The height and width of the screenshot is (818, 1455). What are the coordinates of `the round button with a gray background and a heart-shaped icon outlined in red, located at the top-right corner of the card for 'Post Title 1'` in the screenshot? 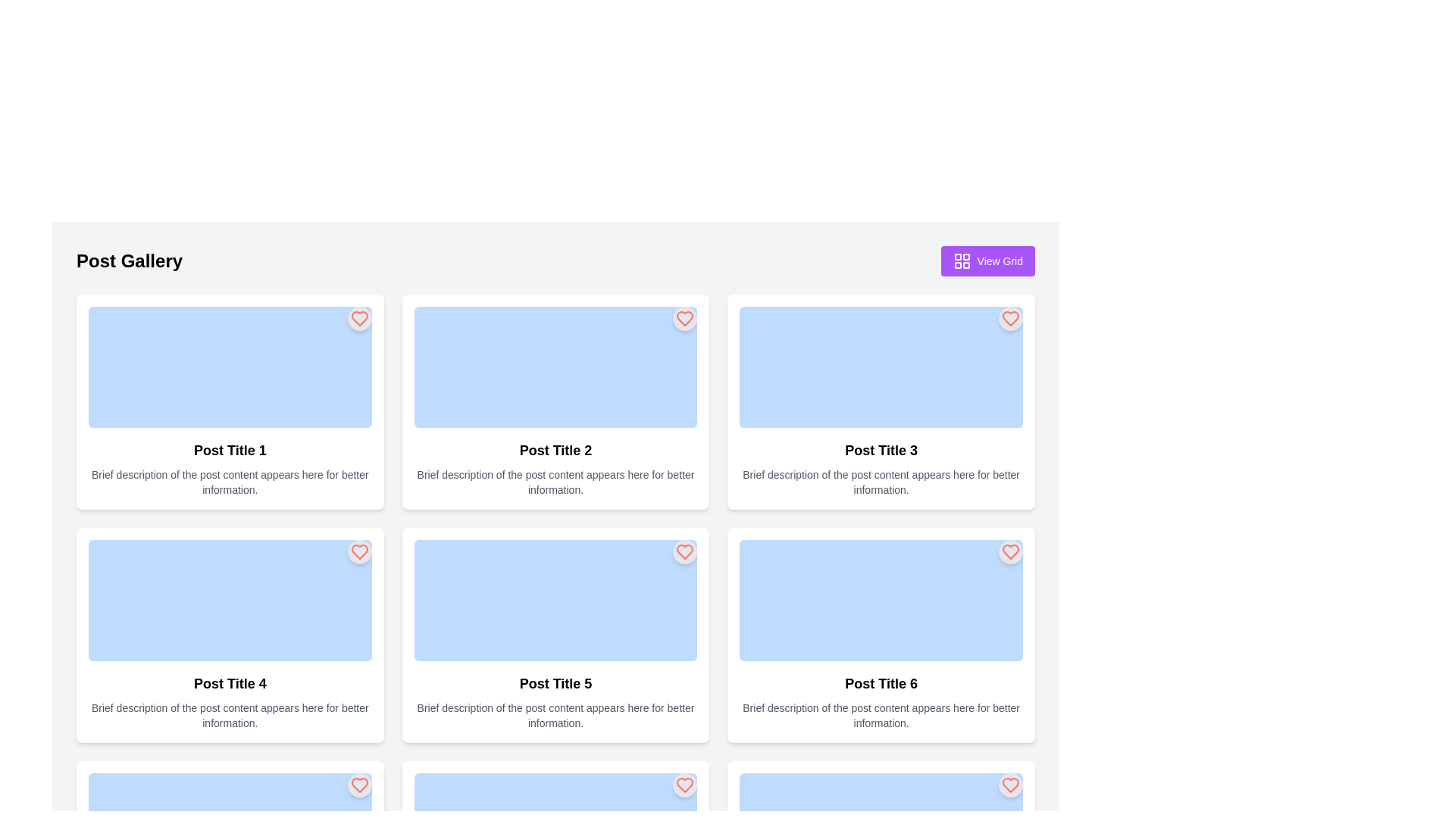 It's located at (358, 317).